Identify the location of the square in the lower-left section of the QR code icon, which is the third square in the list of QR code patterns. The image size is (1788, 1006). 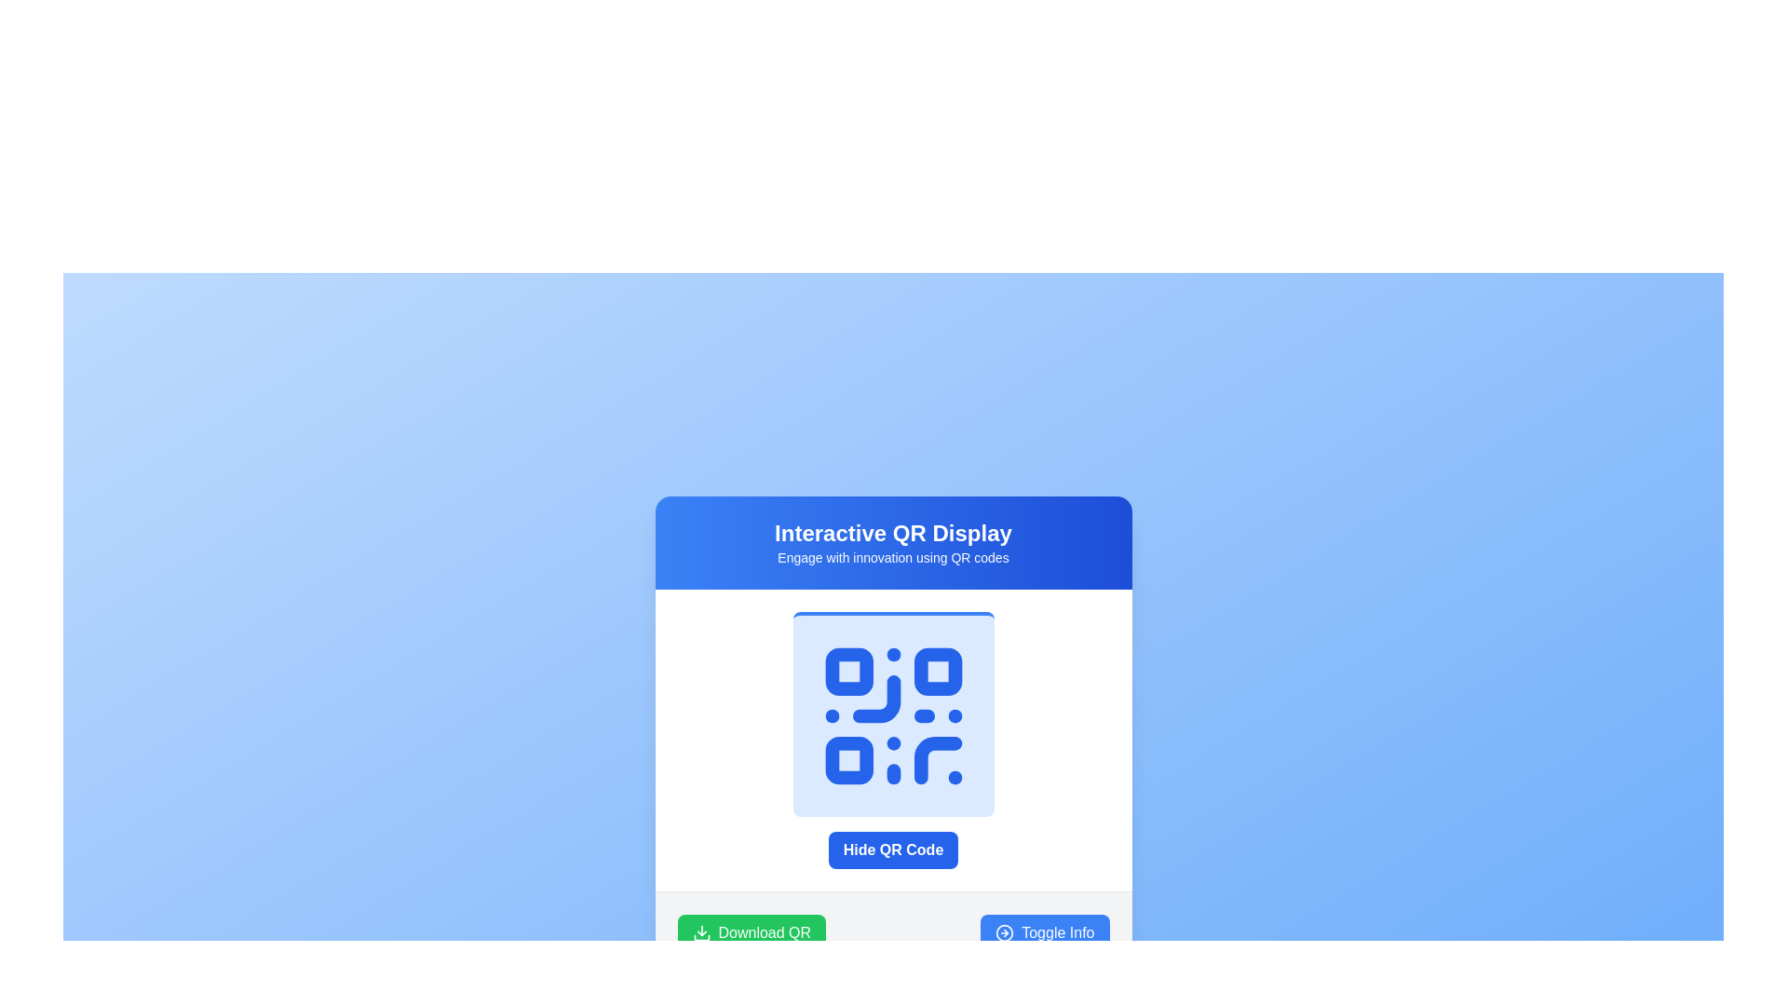
(847, 760).